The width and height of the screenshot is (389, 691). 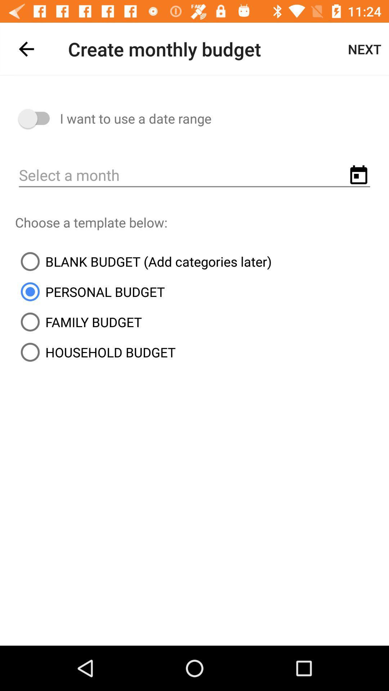 I want to click on month, so click(x=194, y=176).